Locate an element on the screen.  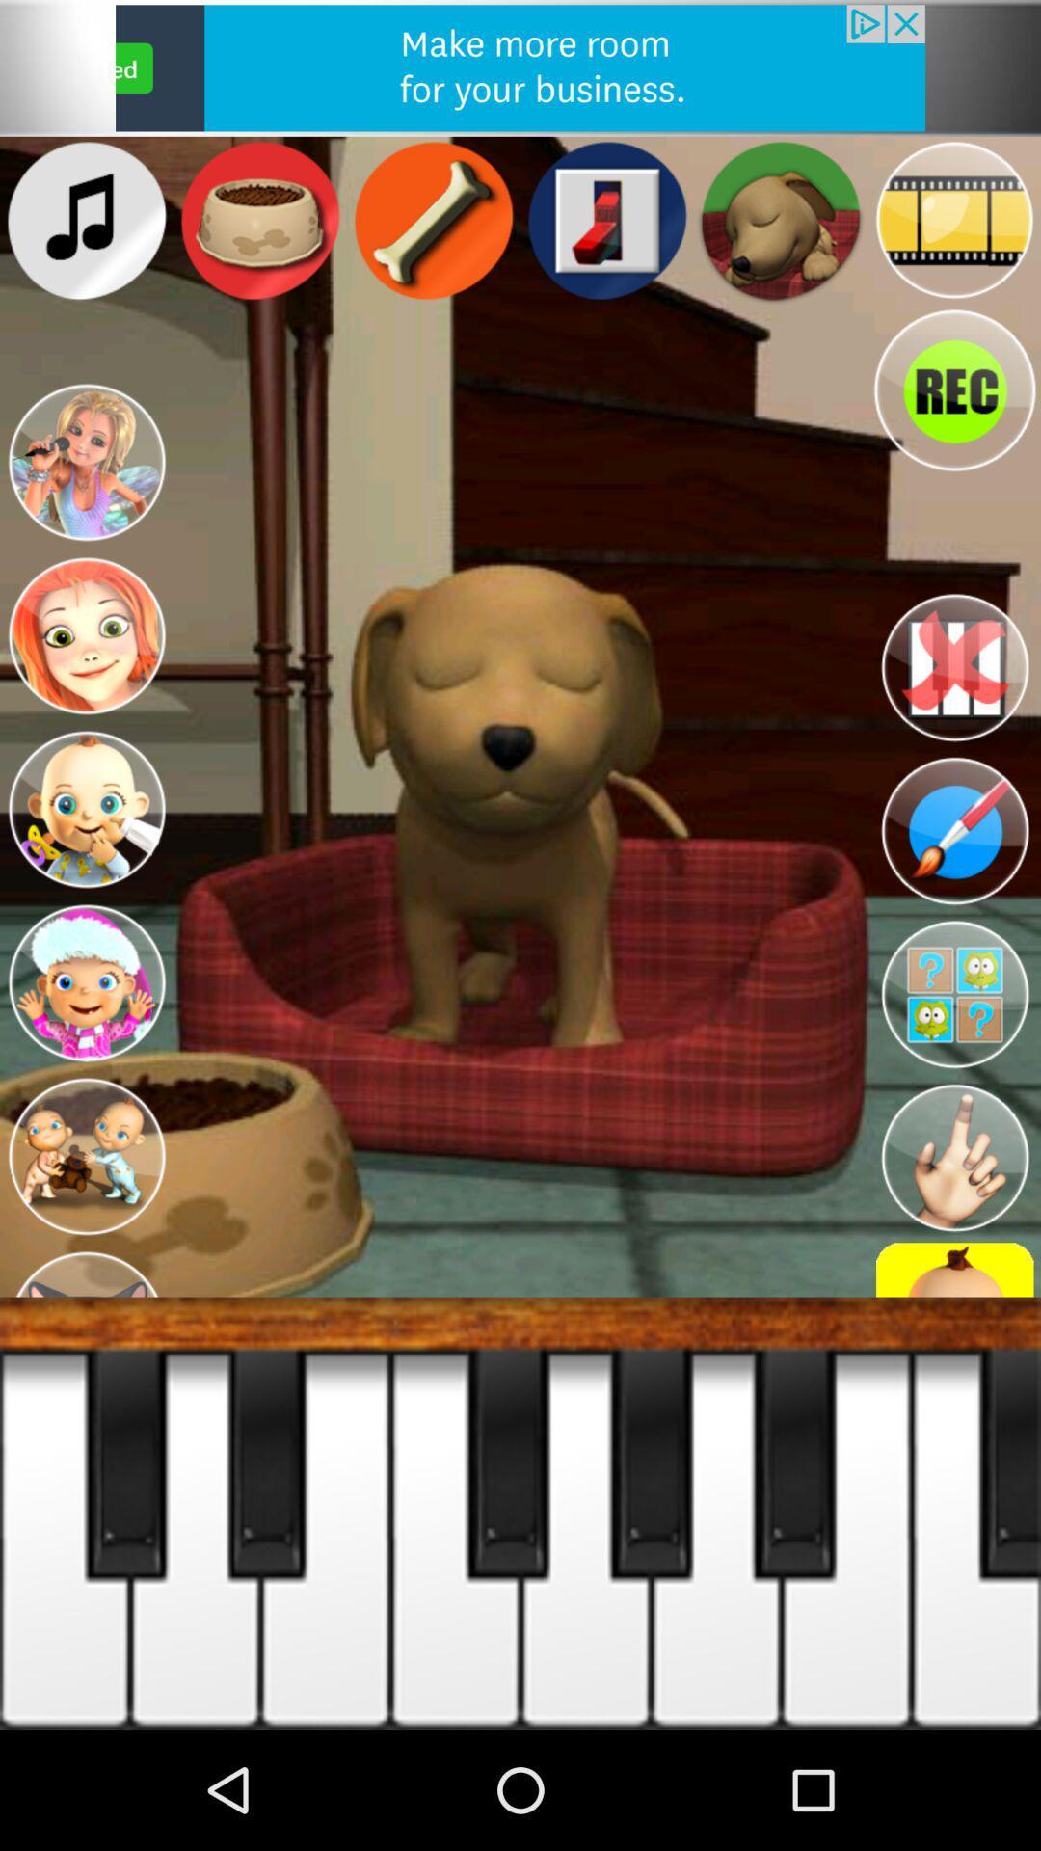
the avatar icon is located at coordinates (85, 495).